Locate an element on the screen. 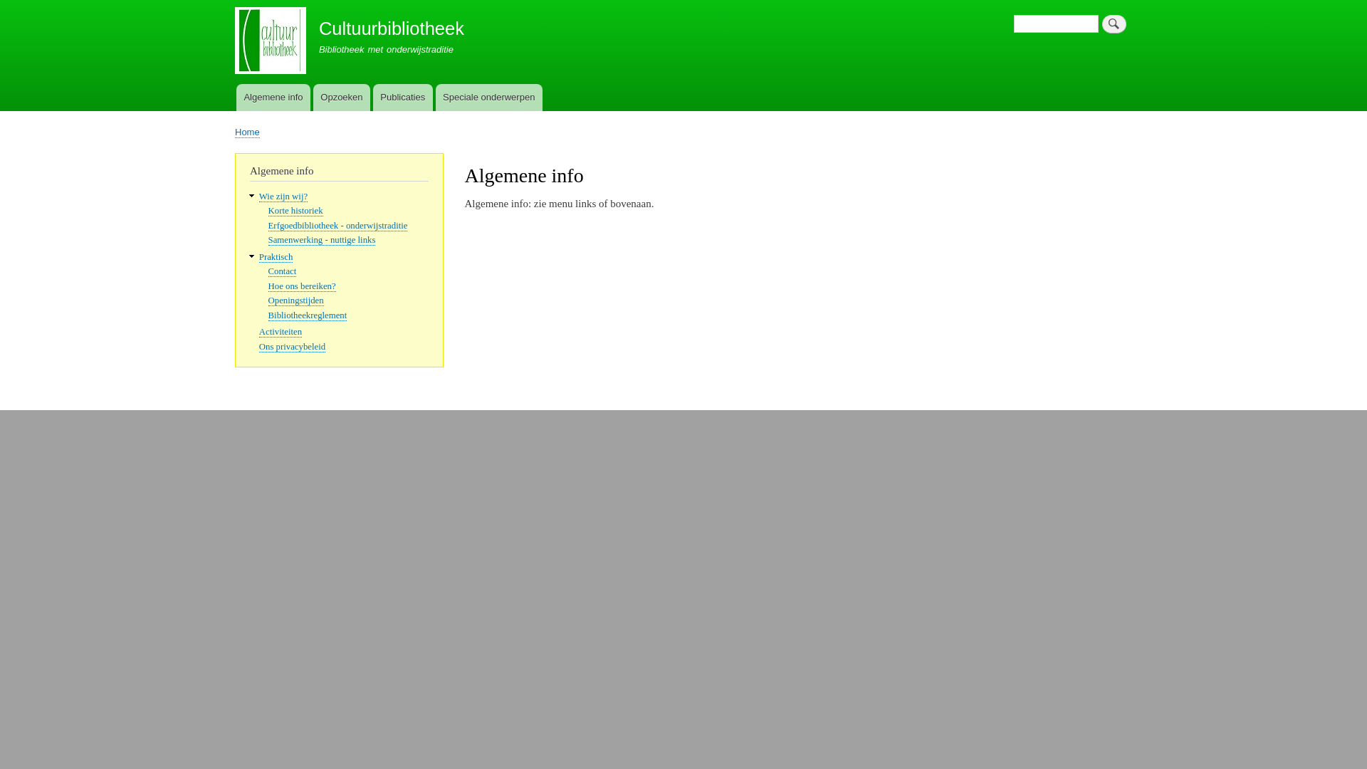 The width and height of the screenshot is (1367, 769). 'Publicaties' is located at coordinates (402, 97).